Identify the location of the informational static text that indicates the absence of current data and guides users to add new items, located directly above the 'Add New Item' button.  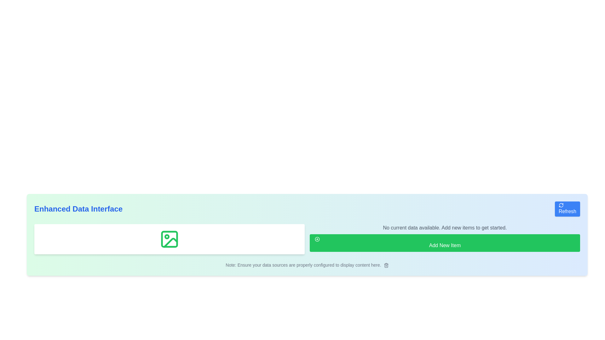
(444, 228).